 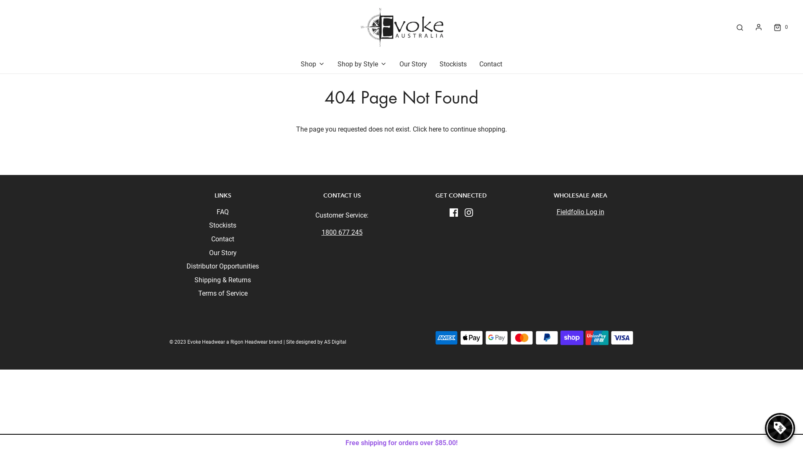 What do you see at coordinates (780, 27) in the screenshot?
I see `'0'` at bounding box center [780, 27].